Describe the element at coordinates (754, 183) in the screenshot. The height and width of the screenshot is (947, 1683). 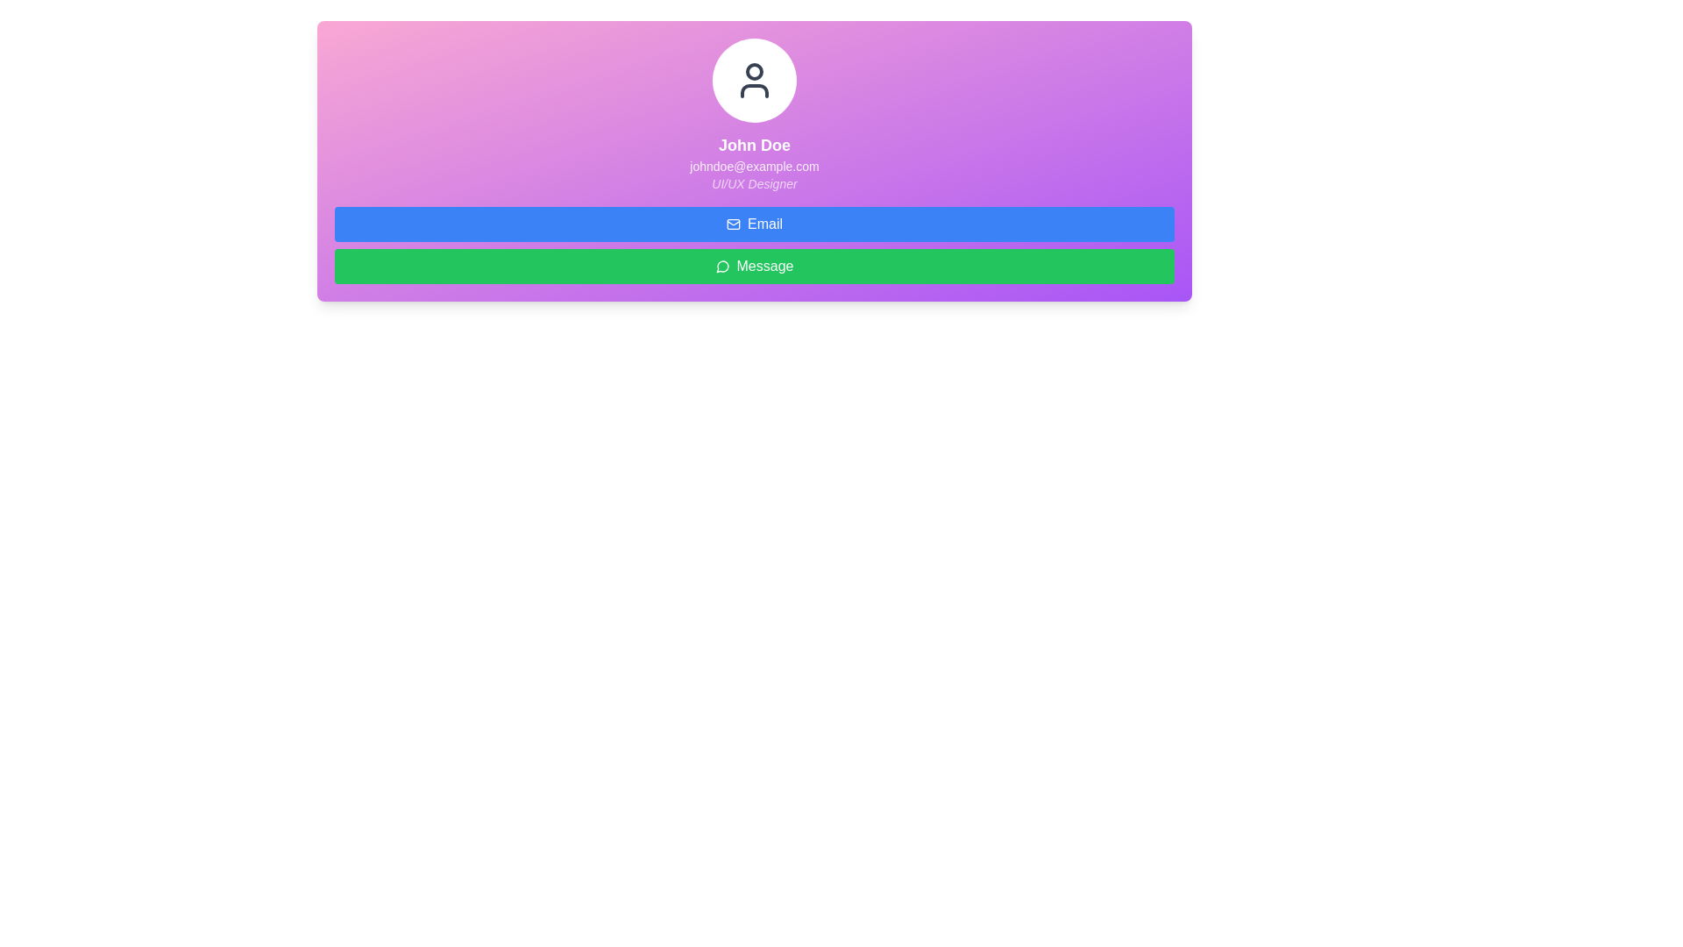
I see `the text 'UI/UX Designer' located at the bottom of the section containing 'John Doe' and 'johndoe@example.com' to trigger potential tooltips or interactions` at that location.